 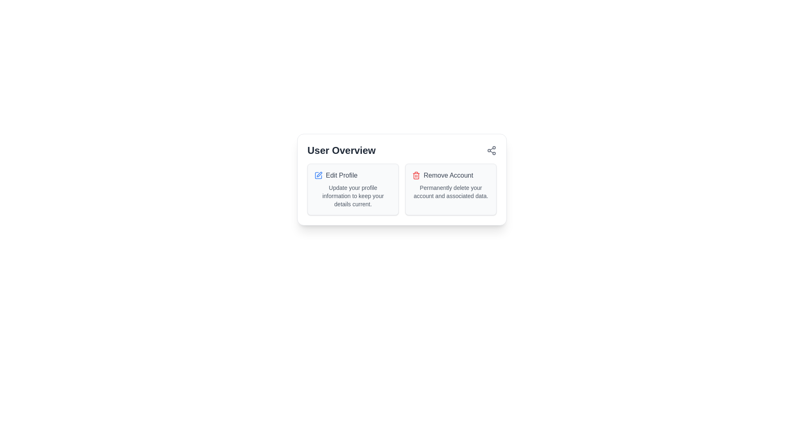 What do you see at coordinates (318, 175) in the screenshot?
I see `the outlined square icon that represents a graphical shape in the UI, which is part of a larger icon set and positioned to the left of another icon and the 'Edit Profile' button` at bounding box center [318, 175].